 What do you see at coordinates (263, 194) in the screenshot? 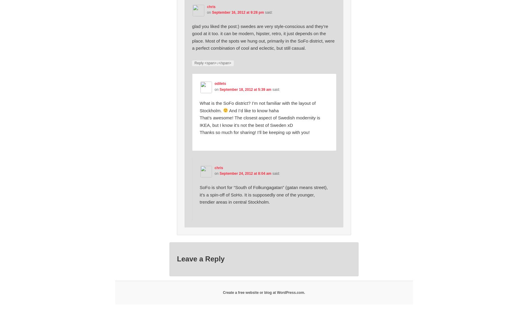
I see `'SoFo is short for “South of Folkungagatan” (gatan means street), it’s a spin-off of SoHo.  It is supposedly one of the younger, trendier areas in central Stockholm.'` at bounding box center [263, 194].